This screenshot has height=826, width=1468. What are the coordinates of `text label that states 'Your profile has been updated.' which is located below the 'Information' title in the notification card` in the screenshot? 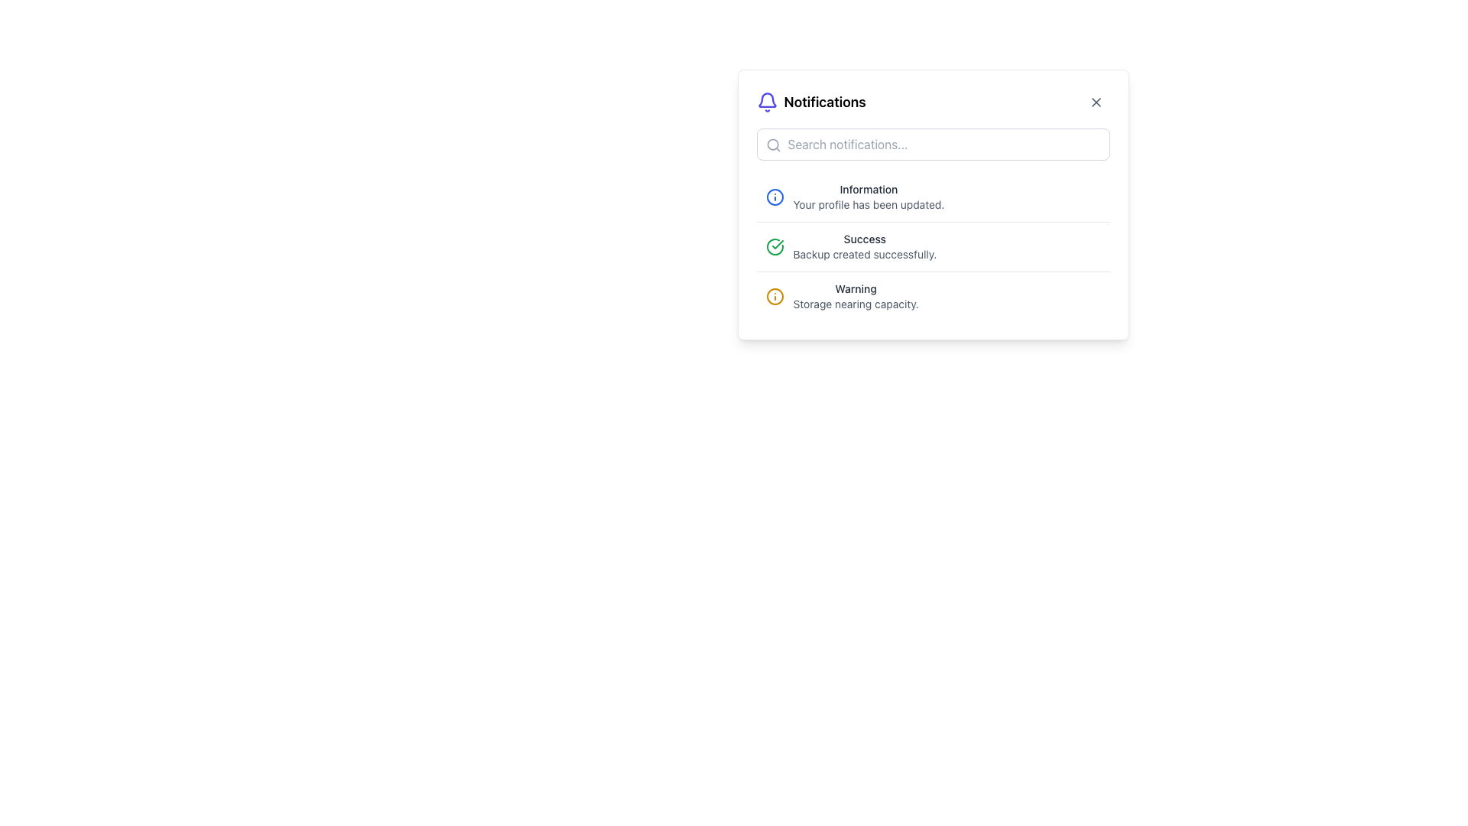 It's located at (869, 203).